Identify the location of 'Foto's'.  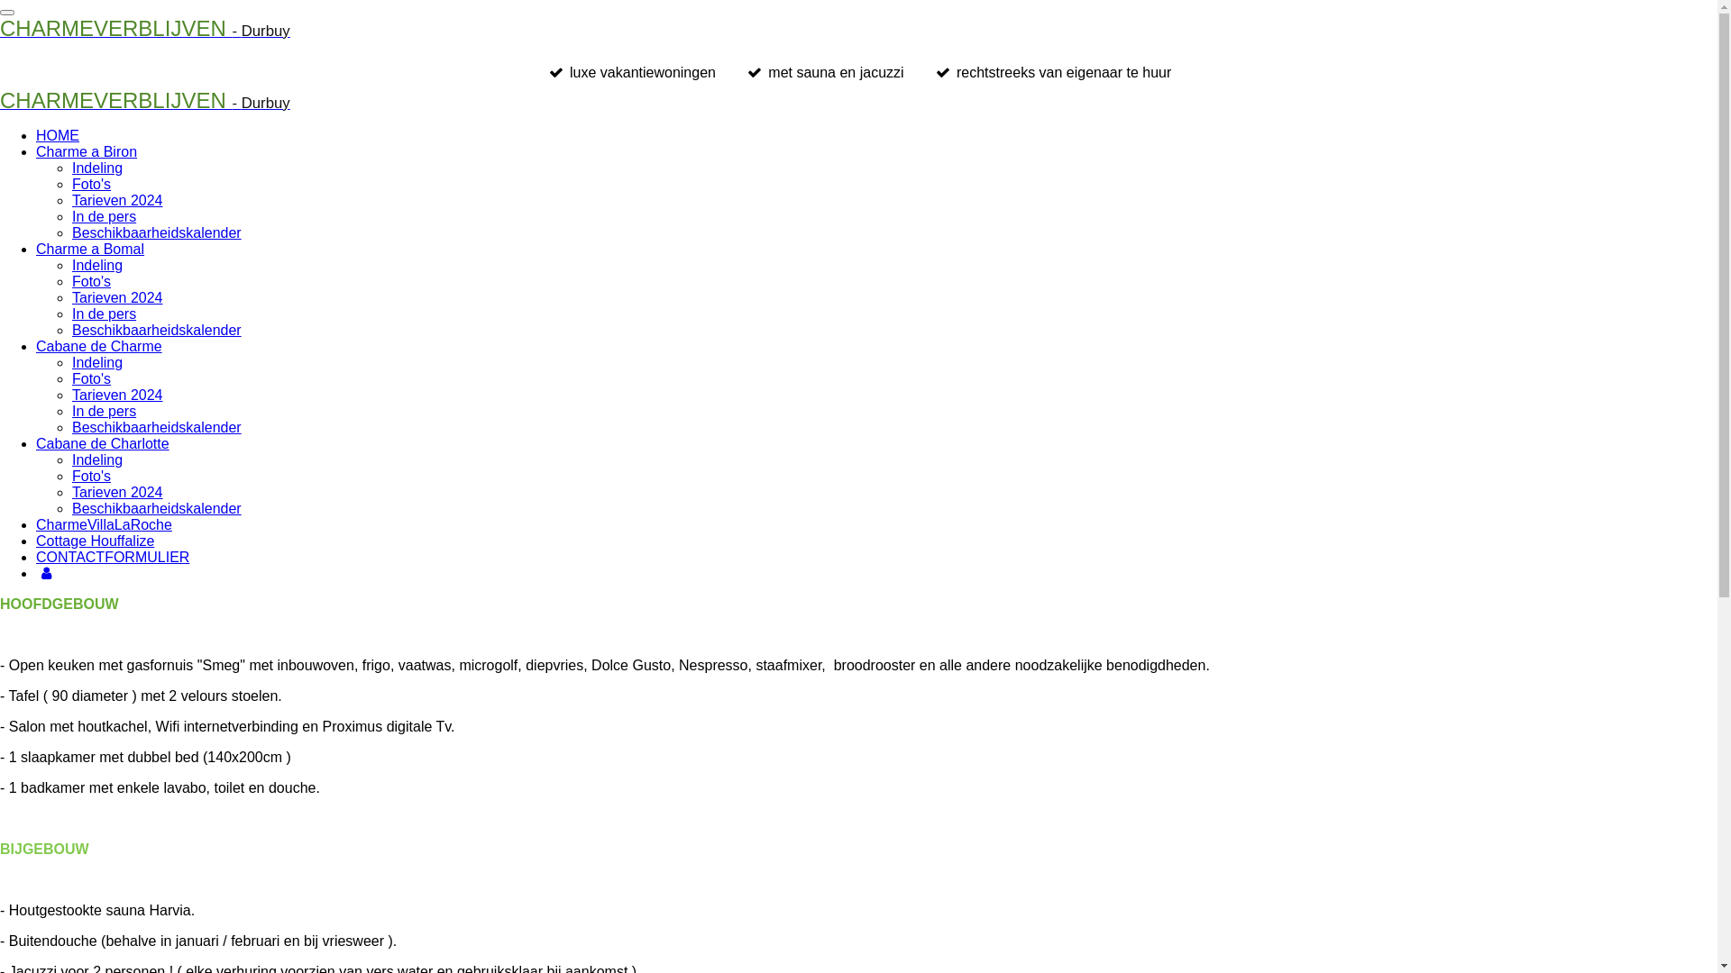
(72, 475).